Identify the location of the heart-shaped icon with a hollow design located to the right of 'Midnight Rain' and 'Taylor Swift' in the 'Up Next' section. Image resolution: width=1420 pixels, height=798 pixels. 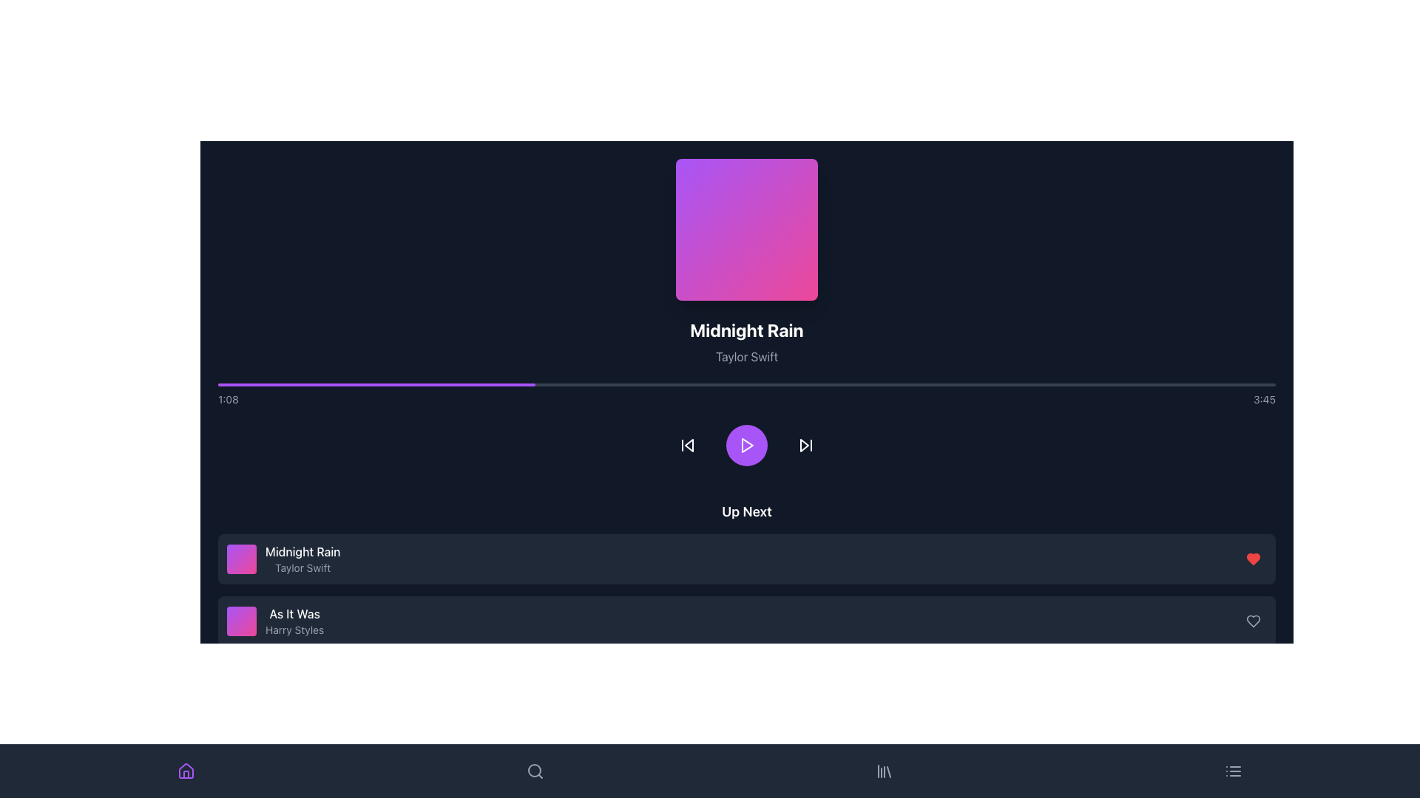
(1252, 621).